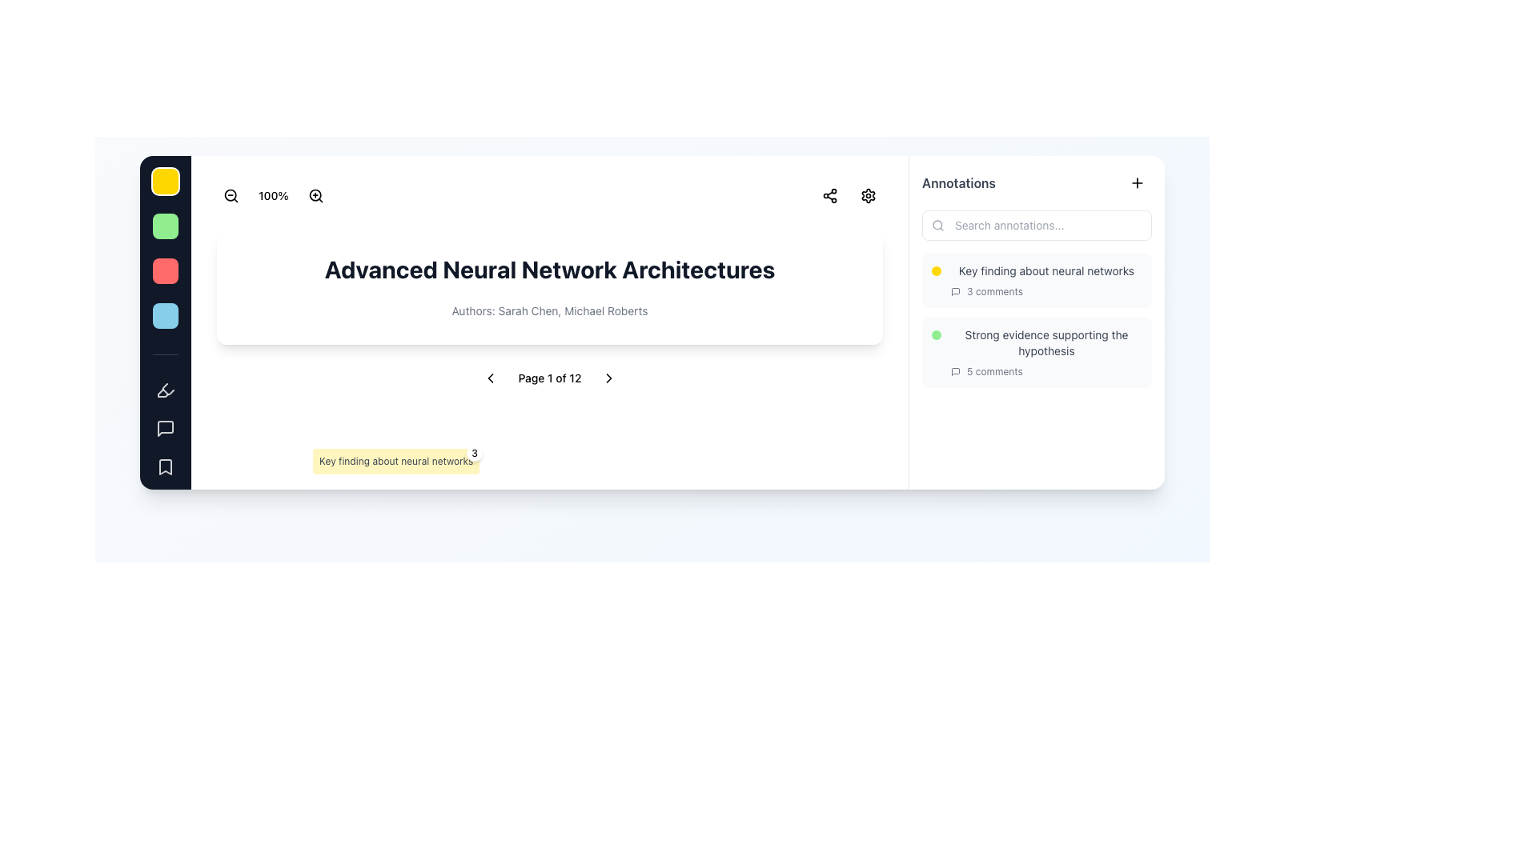 This screenshot has height=864, width=1537. Describe the element at coordinates (1037, 351) in the screenshot. I see `the text 'Strong evidence supporting the hypothesis' for copying from the annotations section, which is the second item below 'Key finding about neural networks'` at that location.